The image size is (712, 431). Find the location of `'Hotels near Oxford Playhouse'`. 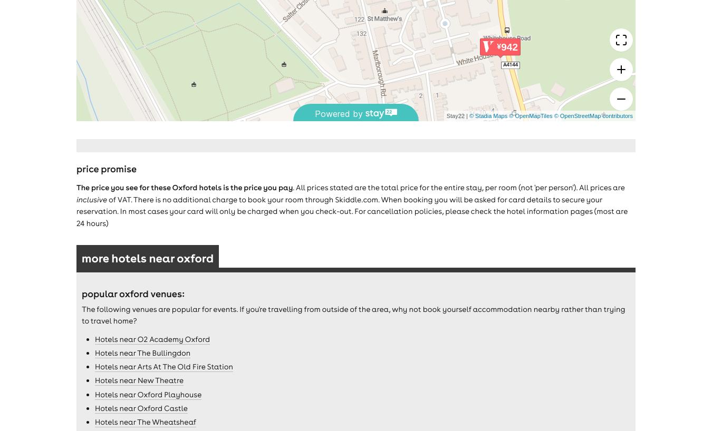

'Hotels near Oxford Playhouse' is located at coordinates (94, 393).